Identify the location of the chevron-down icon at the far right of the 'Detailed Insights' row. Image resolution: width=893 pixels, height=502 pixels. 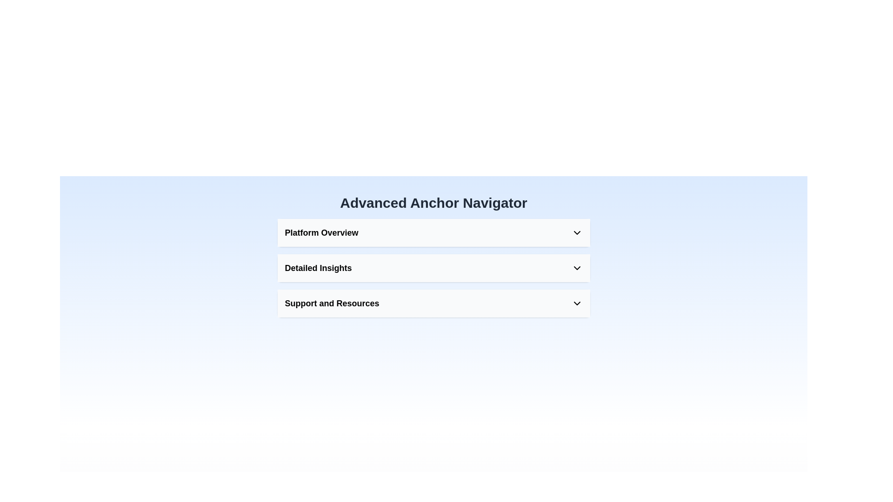
(576, 268).